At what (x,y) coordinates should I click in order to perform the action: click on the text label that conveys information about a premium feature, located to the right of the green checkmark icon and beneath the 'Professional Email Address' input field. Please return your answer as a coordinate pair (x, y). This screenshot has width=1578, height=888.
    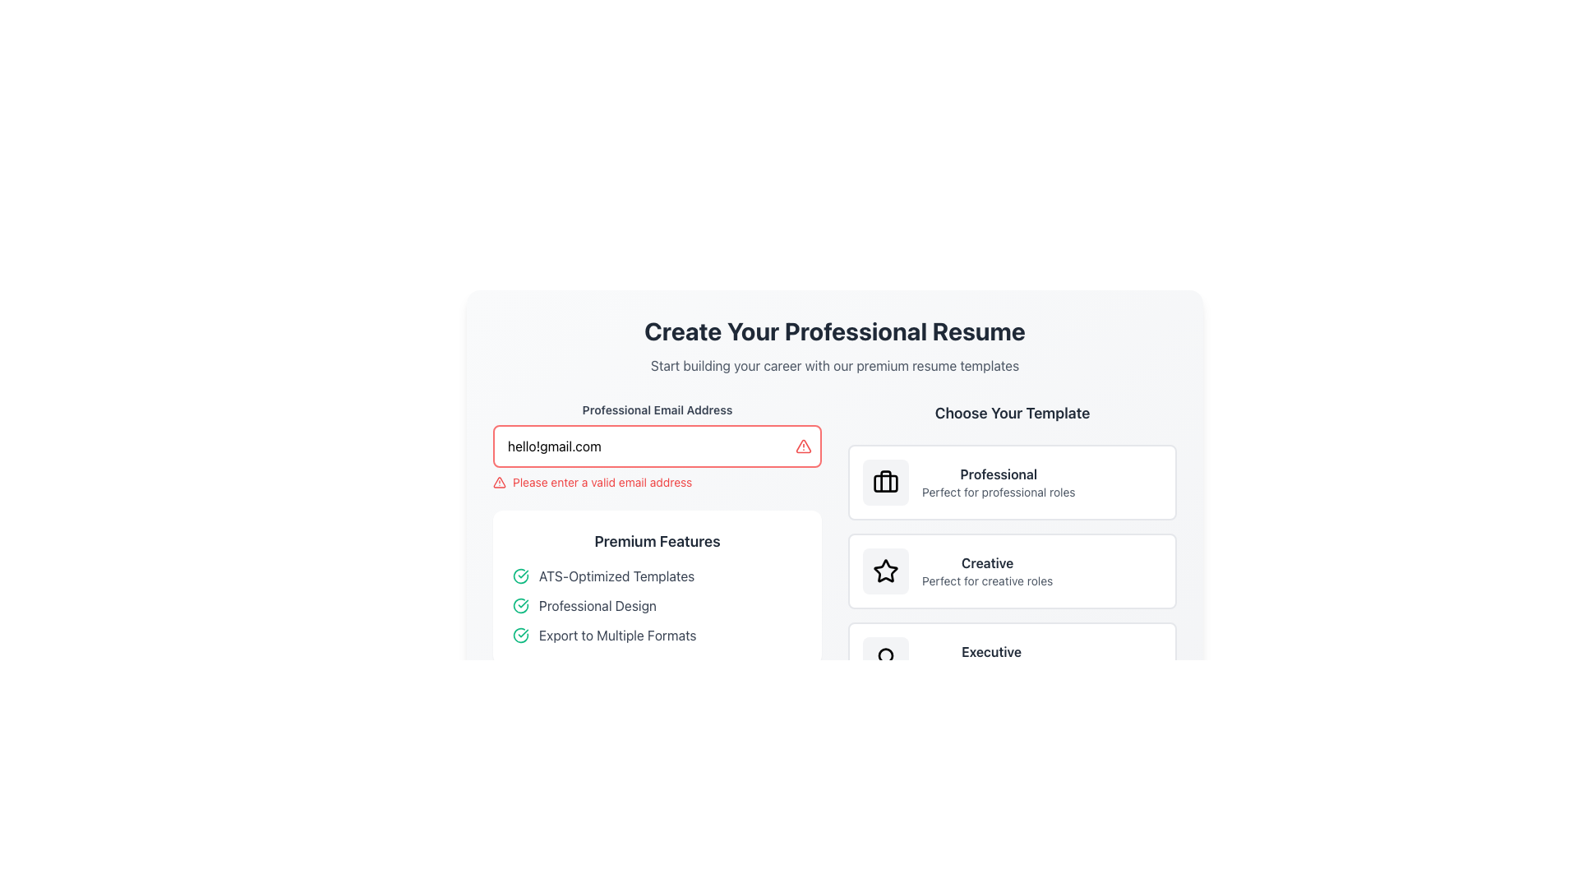
    Looking at the image, I should click on (597, 605).